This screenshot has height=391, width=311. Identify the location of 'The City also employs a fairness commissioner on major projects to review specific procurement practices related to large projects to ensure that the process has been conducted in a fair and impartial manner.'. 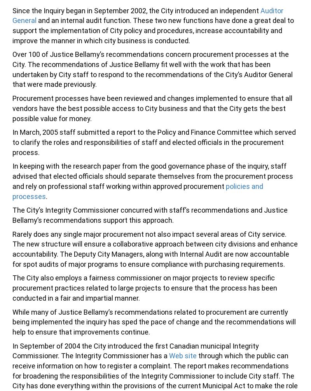
(144, 287).